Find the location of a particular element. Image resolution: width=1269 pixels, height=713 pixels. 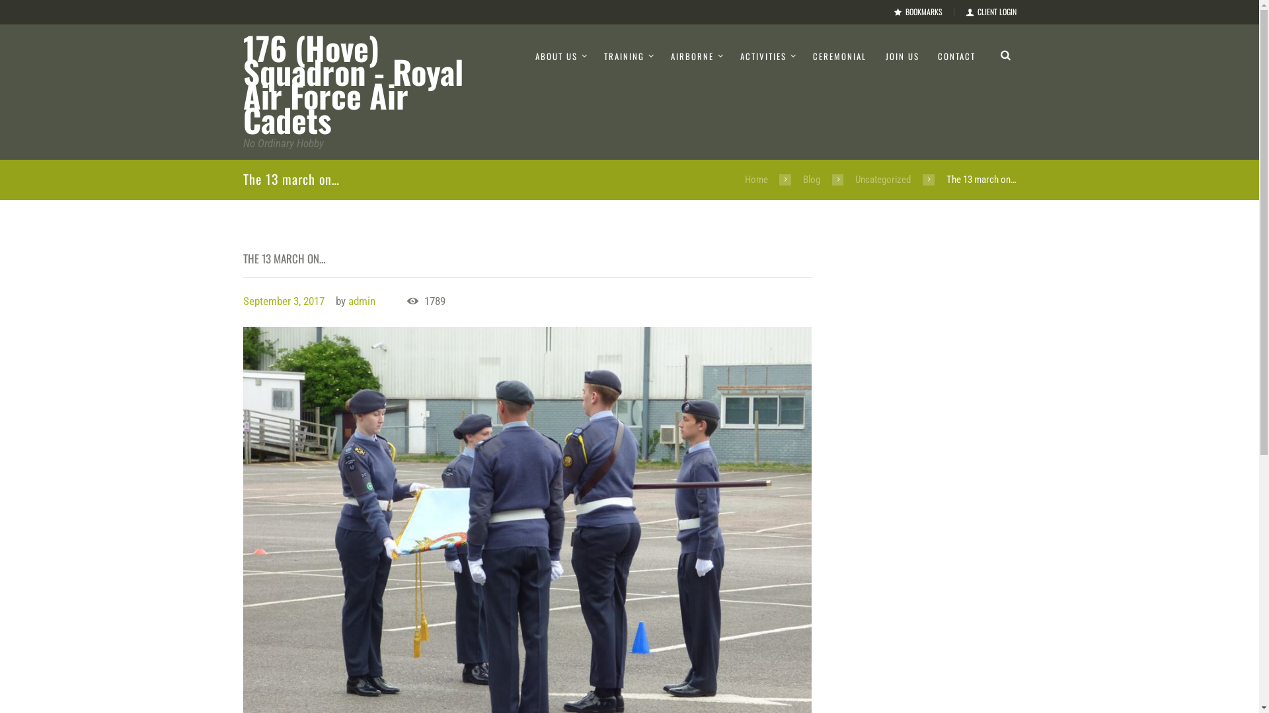

'ACTIVITIES' is located at coordinates (767, 55).